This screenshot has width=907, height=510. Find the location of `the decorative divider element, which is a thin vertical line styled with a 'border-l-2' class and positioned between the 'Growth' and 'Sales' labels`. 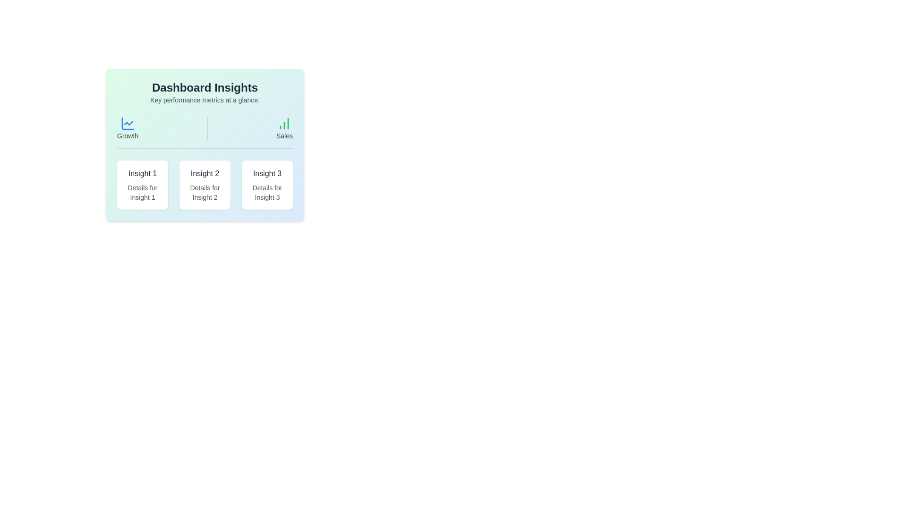

the decorative divider element, which is a thin vertical line styled with a 'border-l-2' class and positioned between the 'Growth' and 'Sales' labels is located at coordinates (207, 128).